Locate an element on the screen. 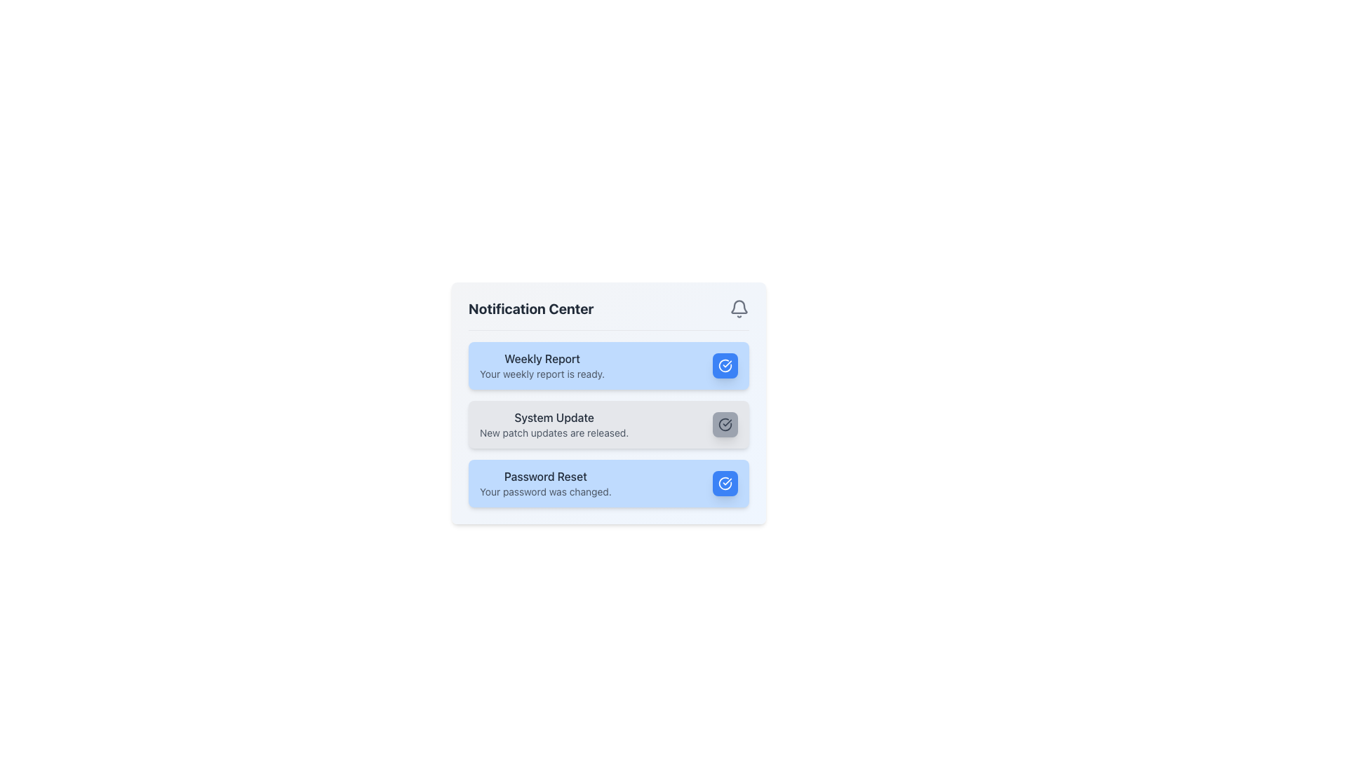  the confirmation button located at the top-right corner of the 'System Update' notification card is located at coordinates (725, 423).